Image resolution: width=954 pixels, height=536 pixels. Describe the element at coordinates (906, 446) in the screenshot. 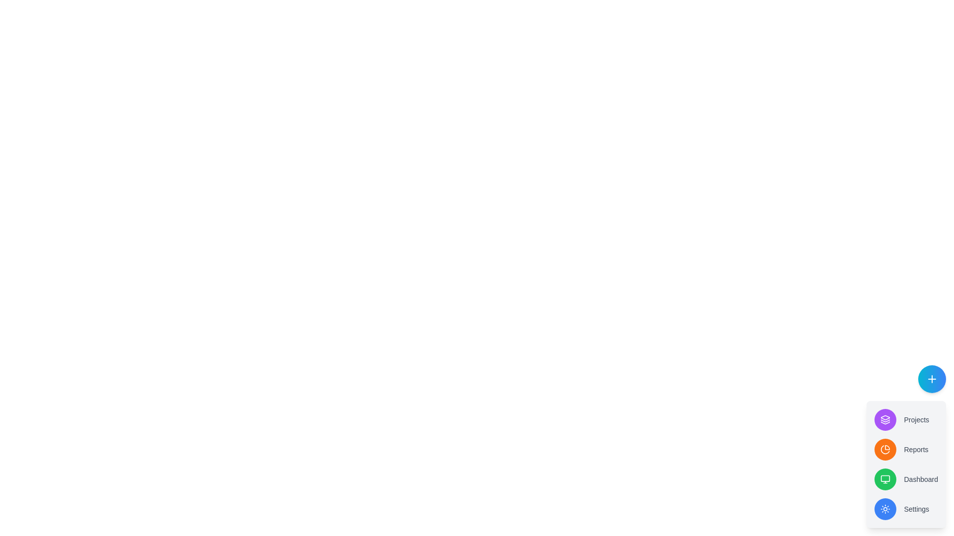

I see `the text label reading 'Reports' in the vertical menu, which is positioned below the 'Projects' label and above the 'Dashboard' label` at that location.